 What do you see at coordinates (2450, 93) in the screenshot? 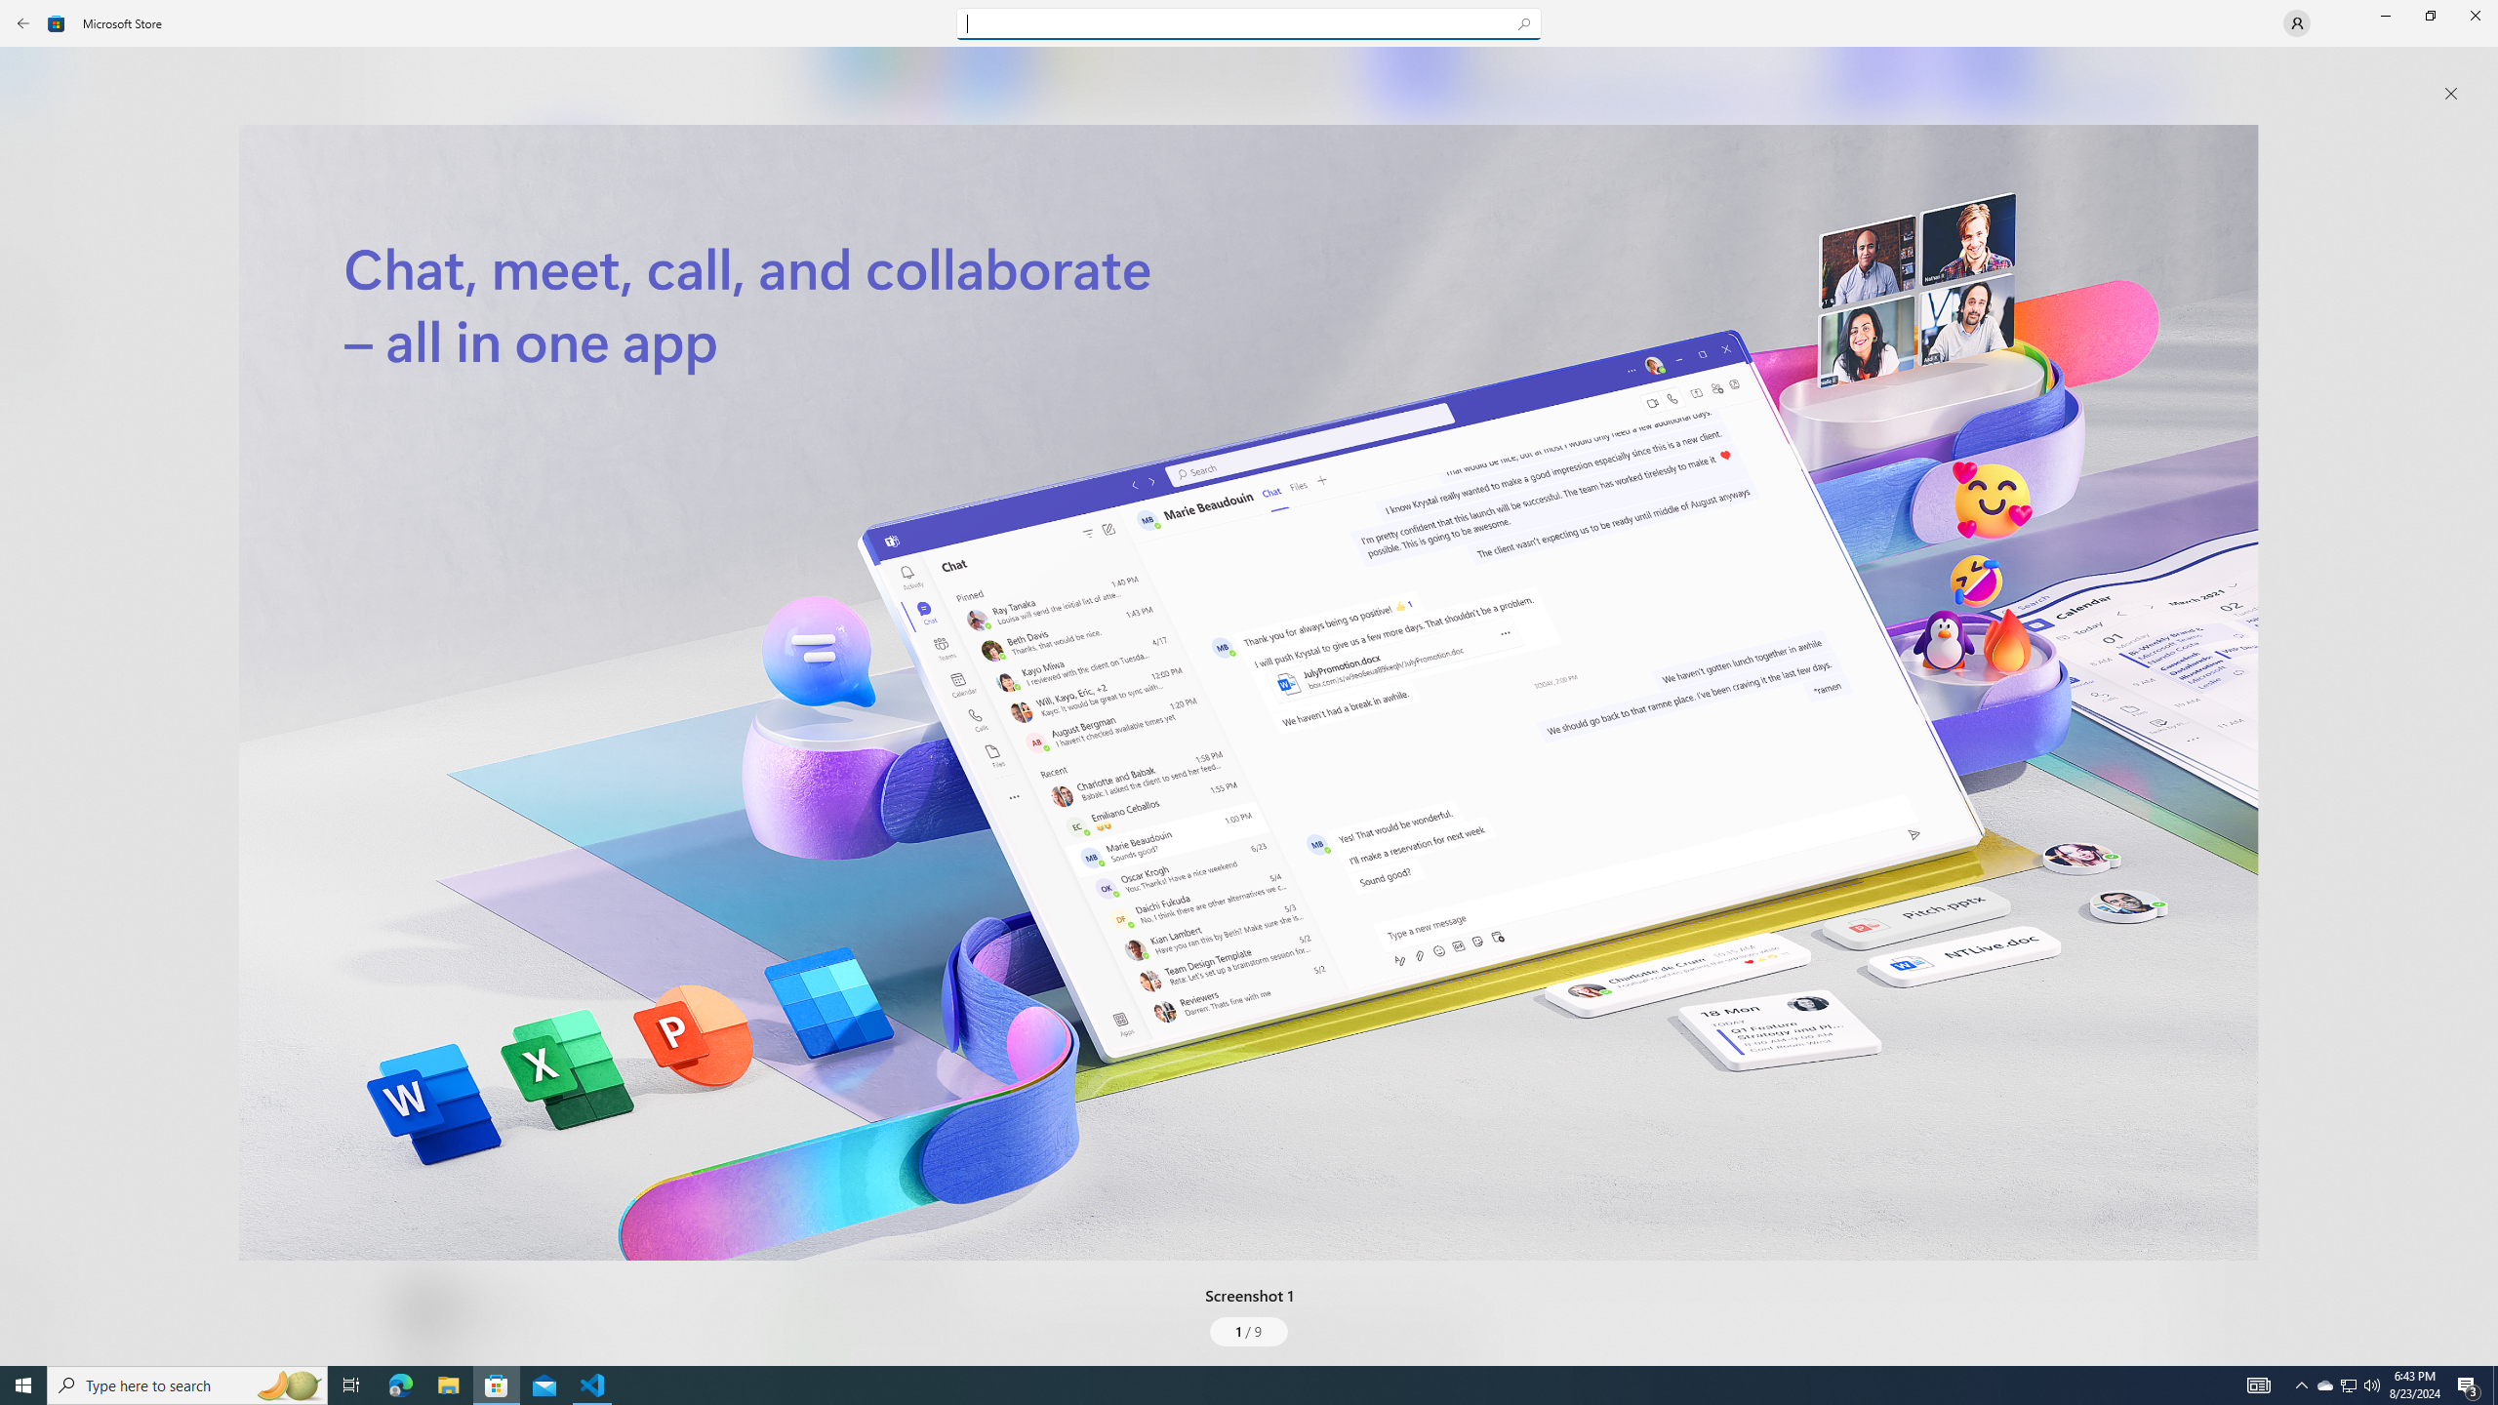
I see `'close popup window'` at bounding box center [2450, 93].